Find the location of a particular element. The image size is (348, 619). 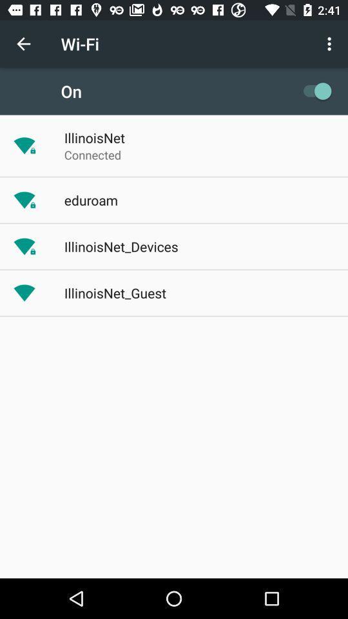

app below connected item is located at coordinates (90, 200).